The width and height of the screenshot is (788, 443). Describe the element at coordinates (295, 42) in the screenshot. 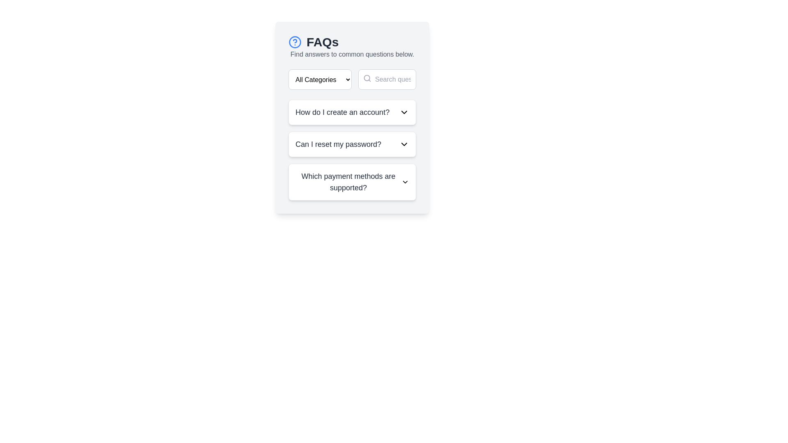

I see `the decorative SVG circle element located centrally within the help icon, which is positioned above the 'FAQs' heading` at that location.